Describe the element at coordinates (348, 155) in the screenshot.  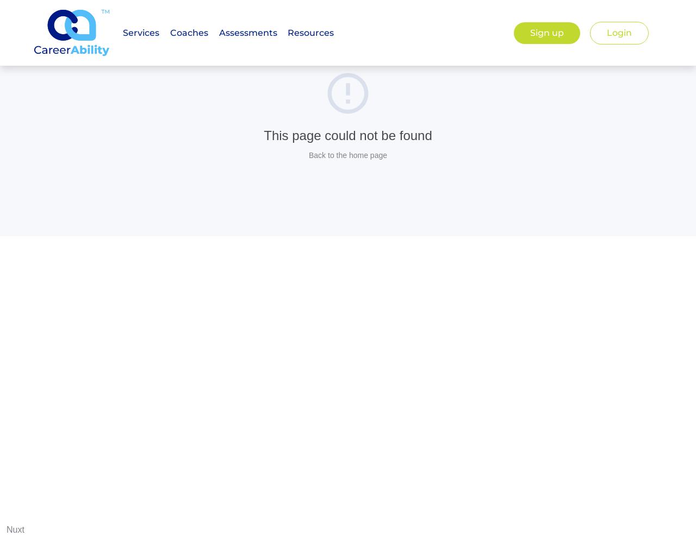
I see `'Back to the home page'` at that location.